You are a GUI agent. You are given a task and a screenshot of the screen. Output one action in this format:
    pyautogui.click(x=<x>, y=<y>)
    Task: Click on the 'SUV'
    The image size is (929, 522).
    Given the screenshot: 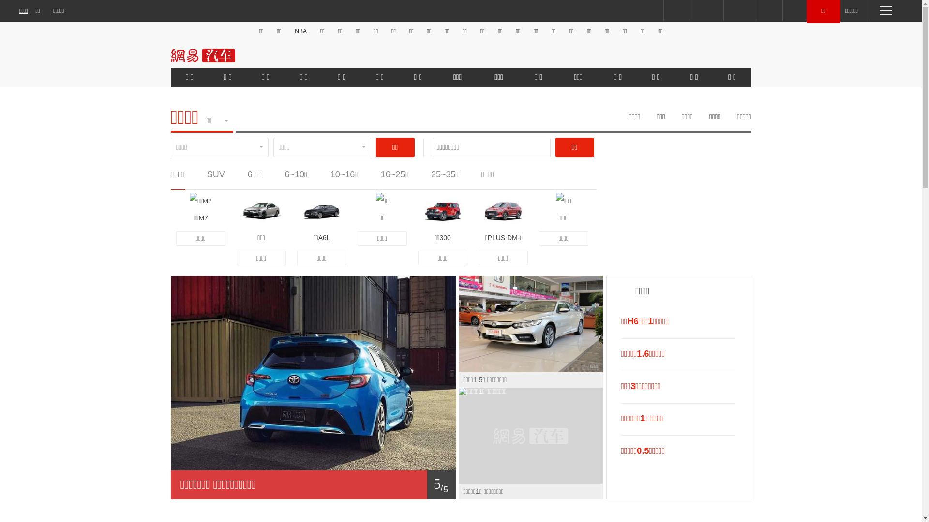 What is the action you would take?
    pyautogui.click(x=206, y=174)
    